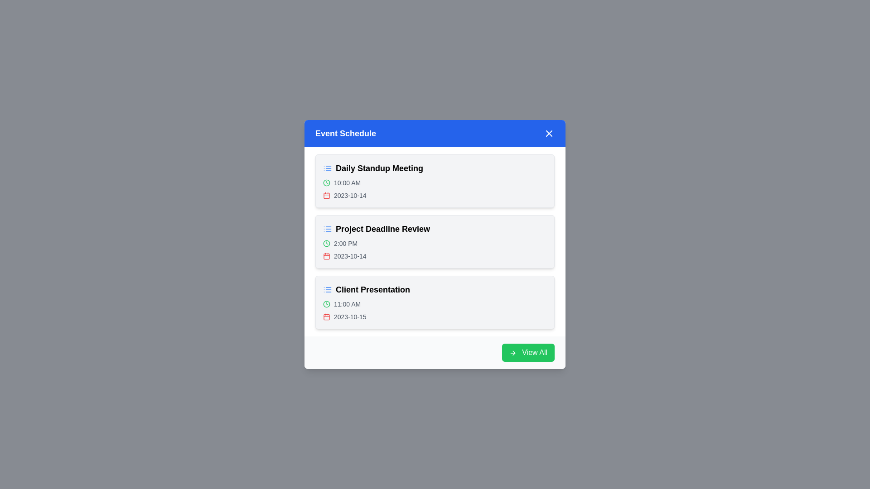  I want to click on the graphical icon embedded in the calendar icon representing the date for the 'Project Deadline Review' entry, so click(326, 256).